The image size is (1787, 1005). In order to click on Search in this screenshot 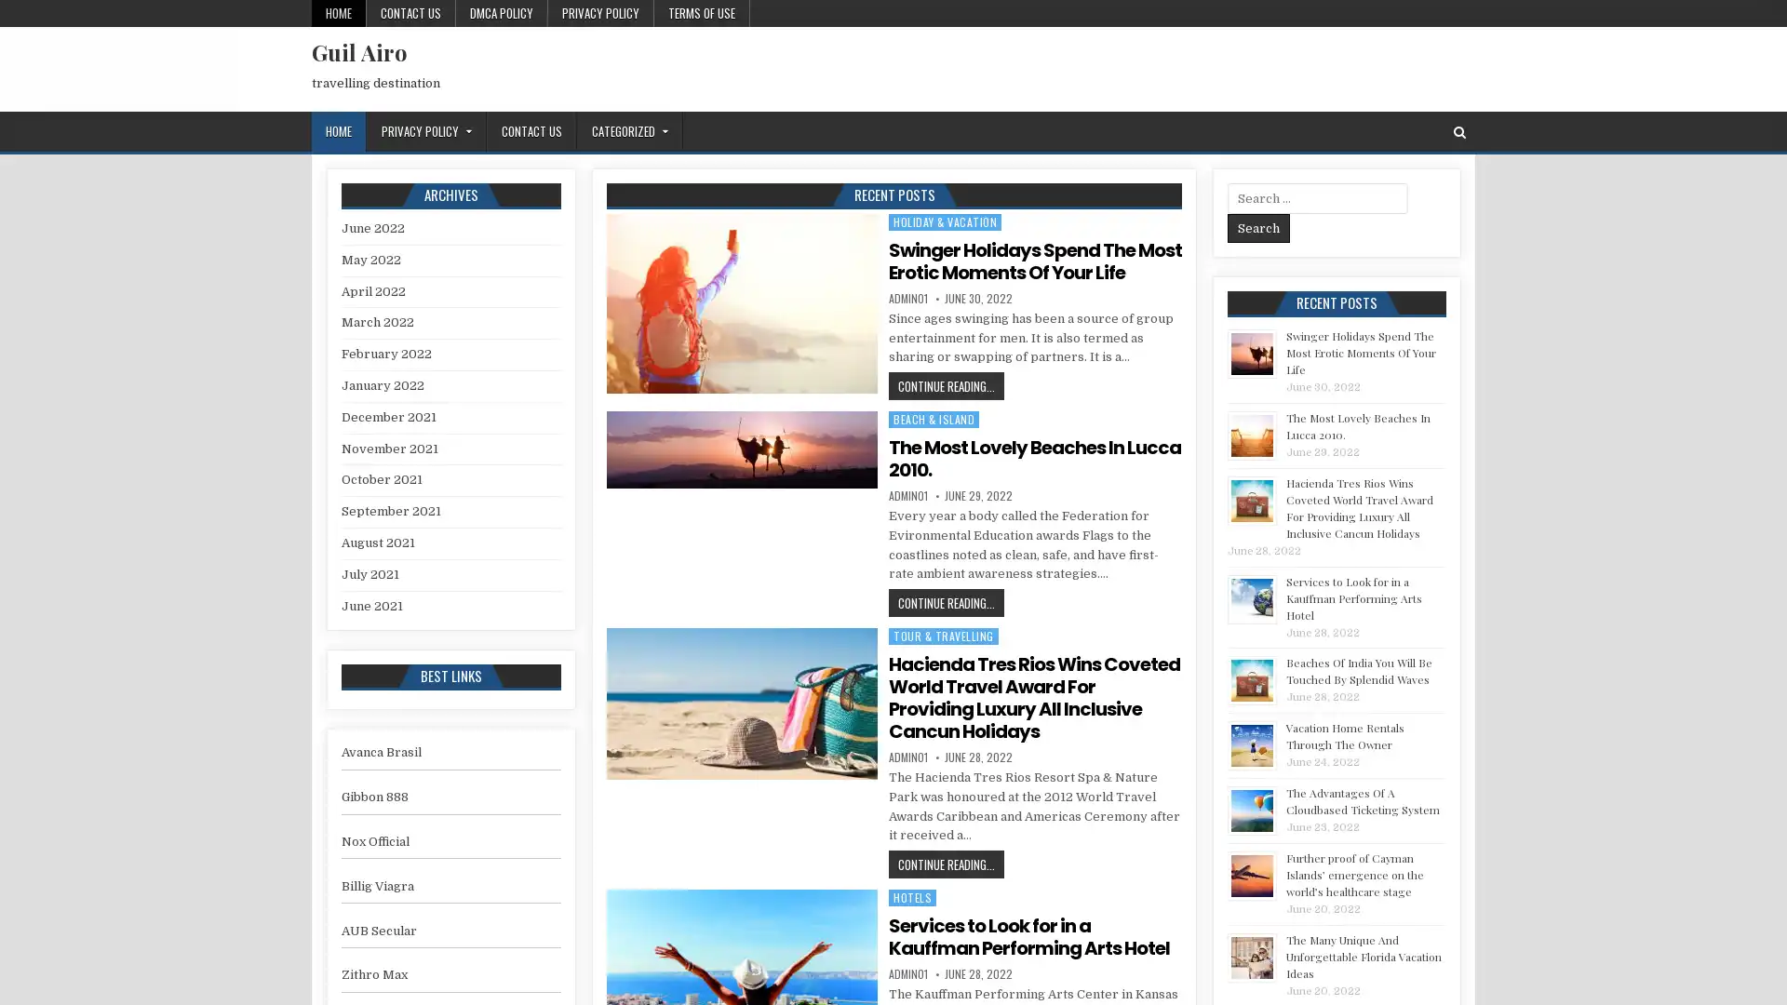, I will do `click(1257, 227)`.